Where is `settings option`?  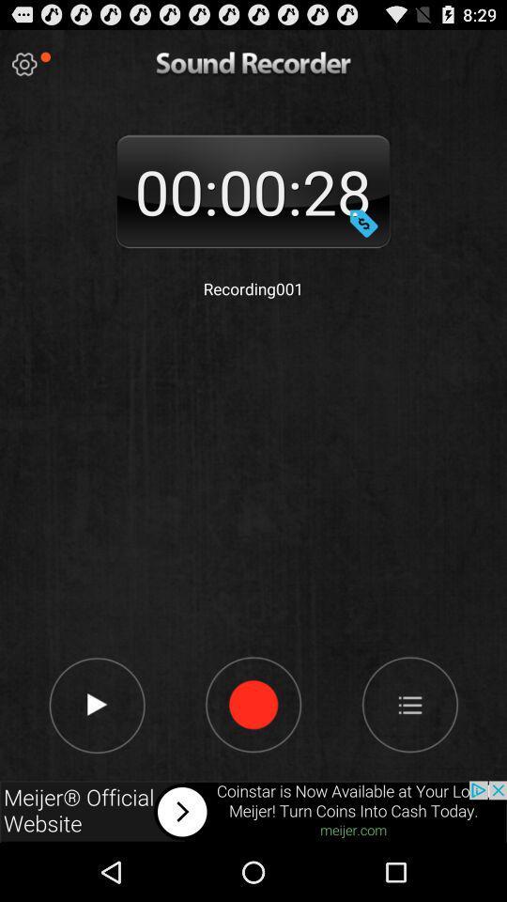 settings option is located at coordinates (23, 64).